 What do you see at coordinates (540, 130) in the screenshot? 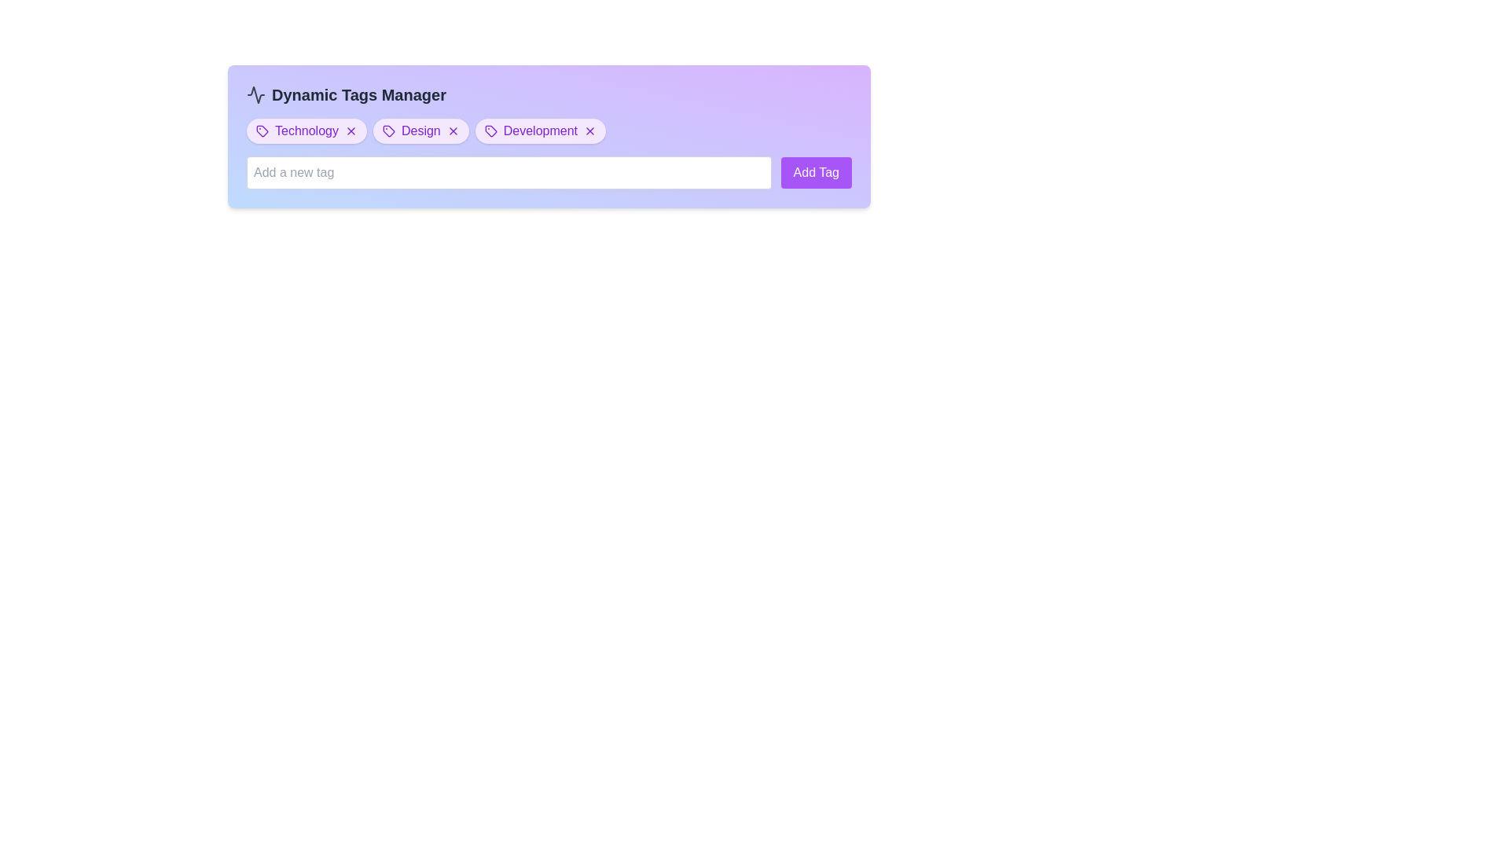
I see `the 'Development' text label within the third tag component of the tag input section, which is styled with a purple color and has a rounded purple background` at bounding box center [540, 130].